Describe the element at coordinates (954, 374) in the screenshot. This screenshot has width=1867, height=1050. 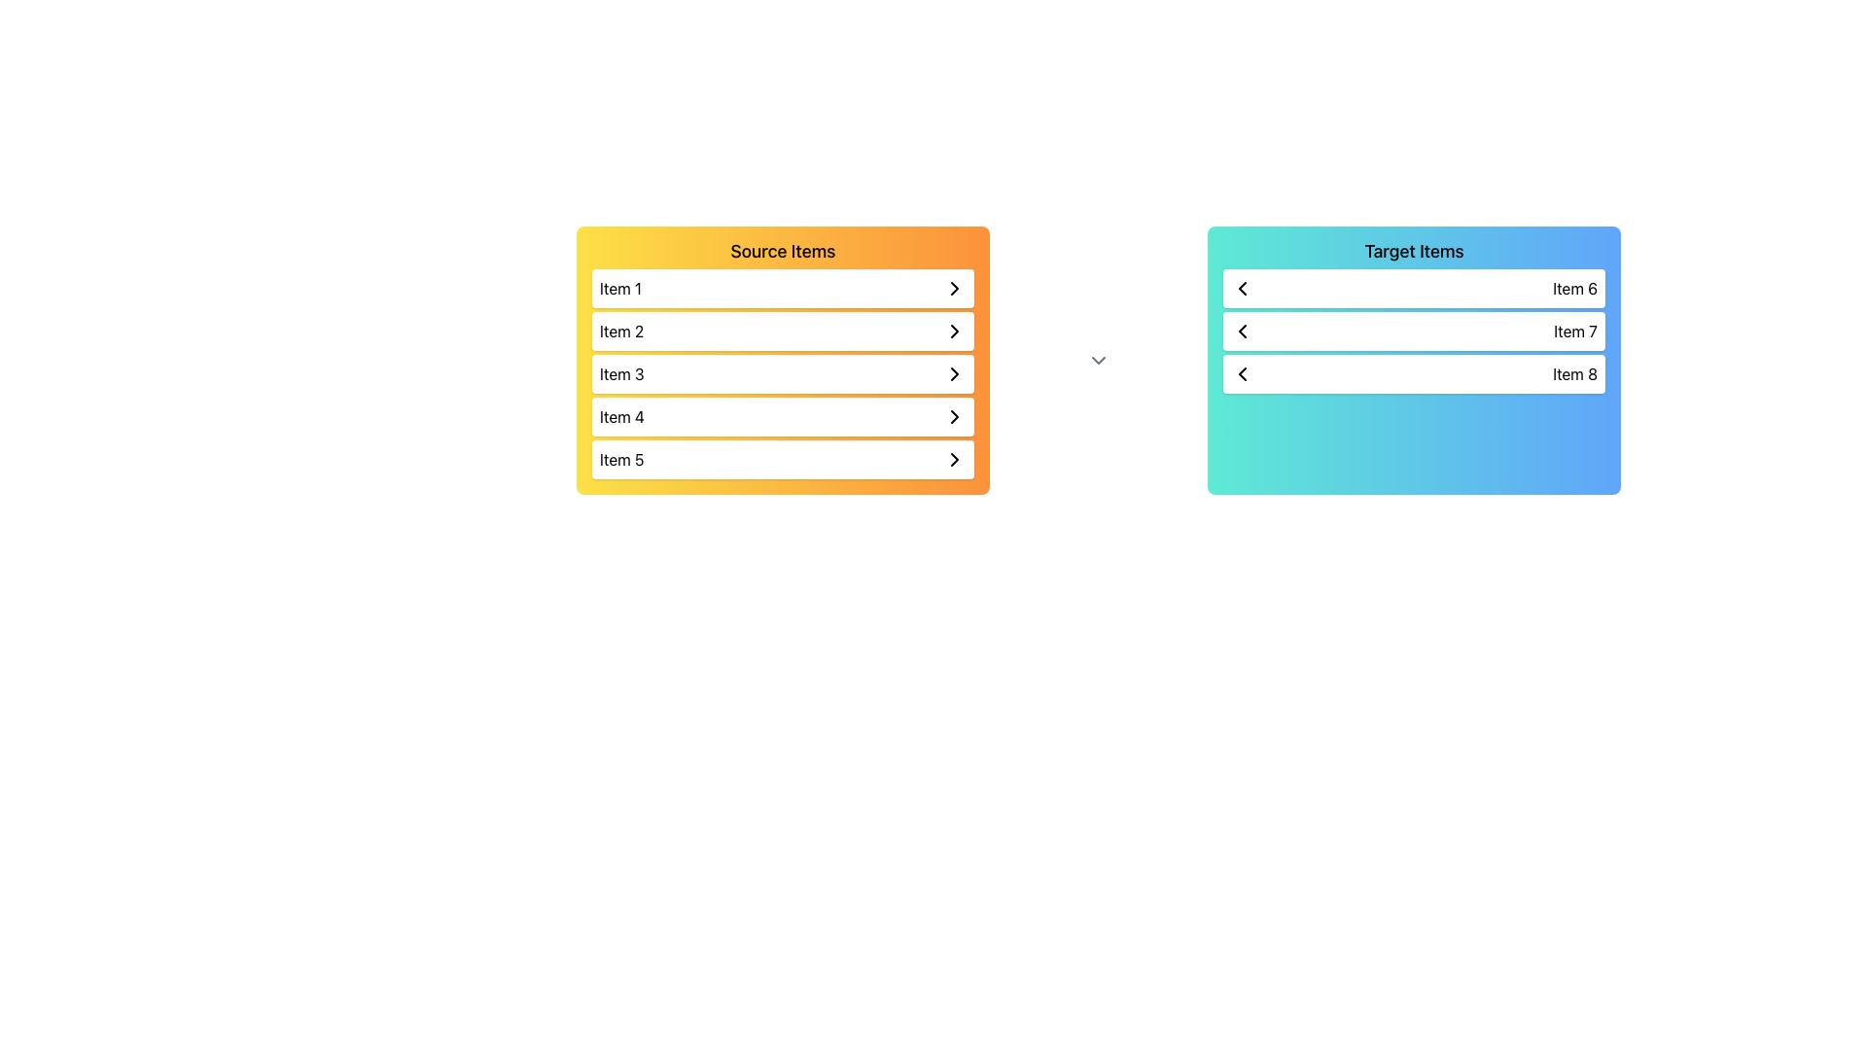
I see `the rightward-facing chevron arrow icon in the 'Item 3' row of the 'Source Items' list` at that location.